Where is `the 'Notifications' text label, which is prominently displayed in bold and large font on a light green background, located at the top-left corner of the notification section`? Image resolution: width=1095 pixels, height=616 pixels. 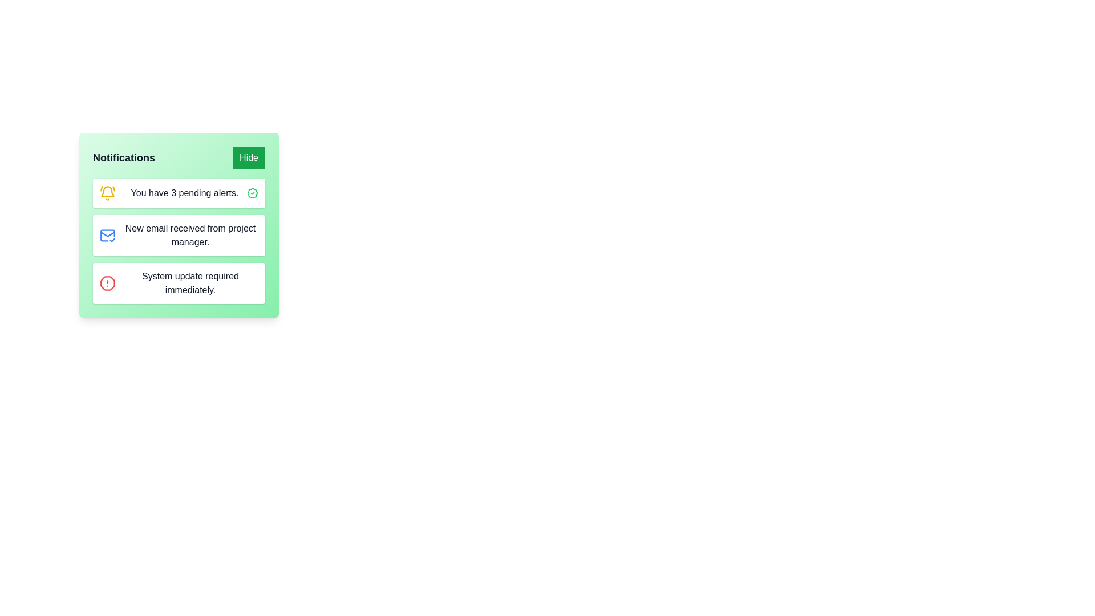 the 'Notifications' text label, which is prominently displayed in bold and large font on a light green background, located at the top-left corner of the notification section is located at coordinates (124, 158).